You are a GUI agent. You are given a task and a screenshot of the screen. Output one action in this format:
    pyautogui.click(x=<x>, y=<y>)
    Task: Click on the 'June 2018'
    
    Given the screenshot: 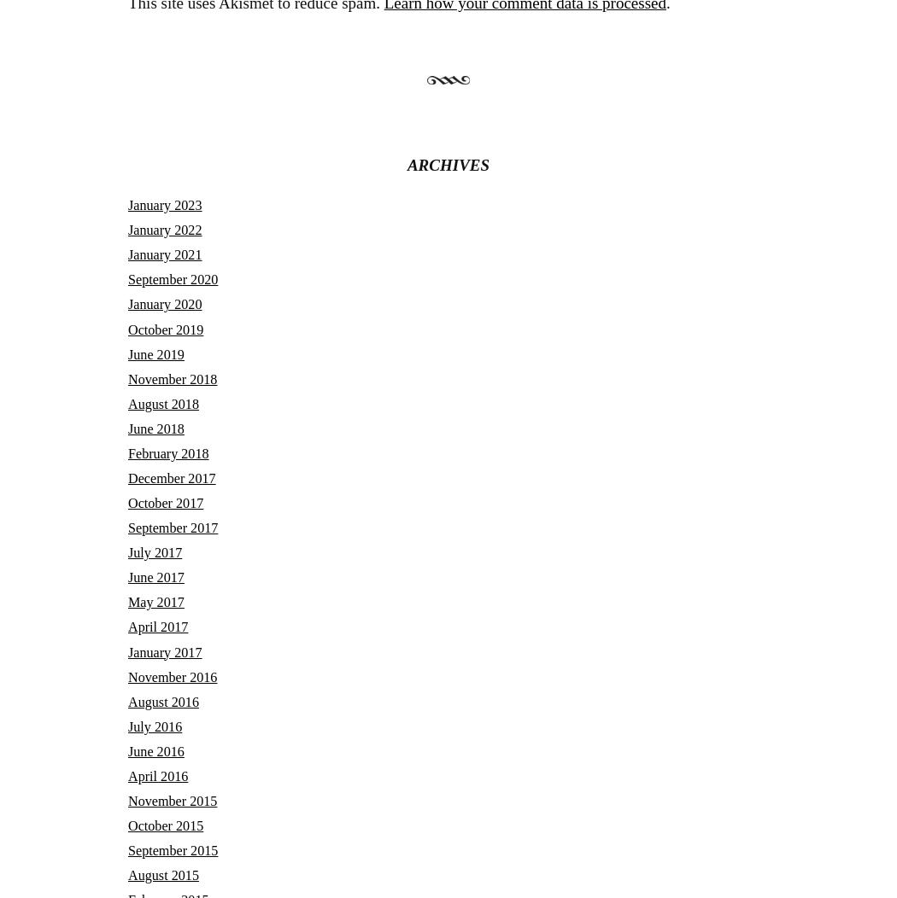 What is the action you would take?
    pyautogui.click(x=128, y=427)
    